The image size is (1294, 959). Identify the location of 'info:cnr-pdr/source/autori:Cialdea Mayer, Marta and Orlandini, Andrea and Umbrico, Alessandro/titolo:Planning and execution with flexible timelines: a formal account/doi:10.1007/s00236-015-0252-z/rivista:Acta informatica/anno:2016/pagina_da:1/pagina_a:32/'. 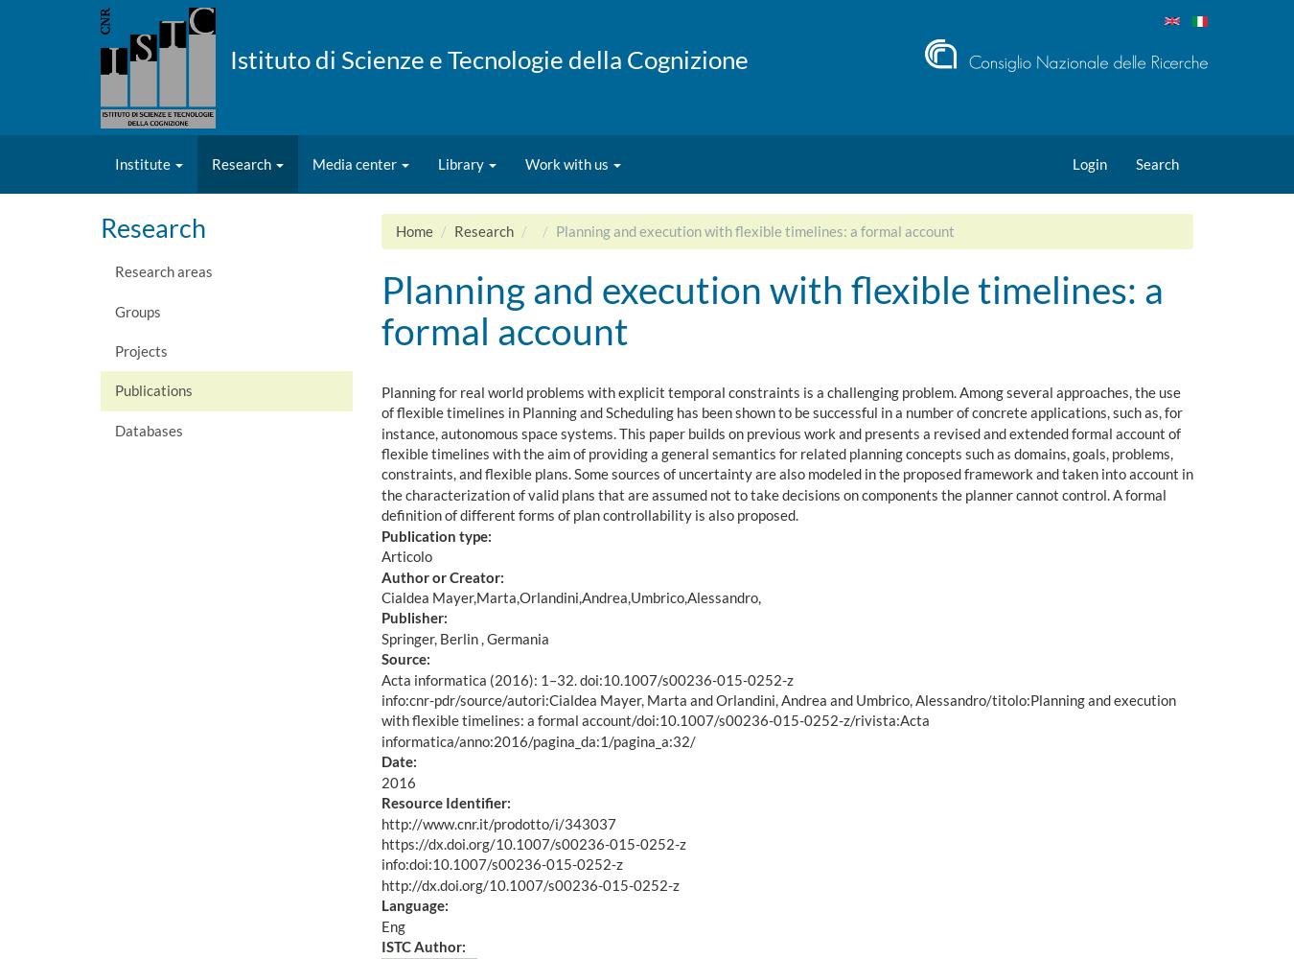
(381, 720).